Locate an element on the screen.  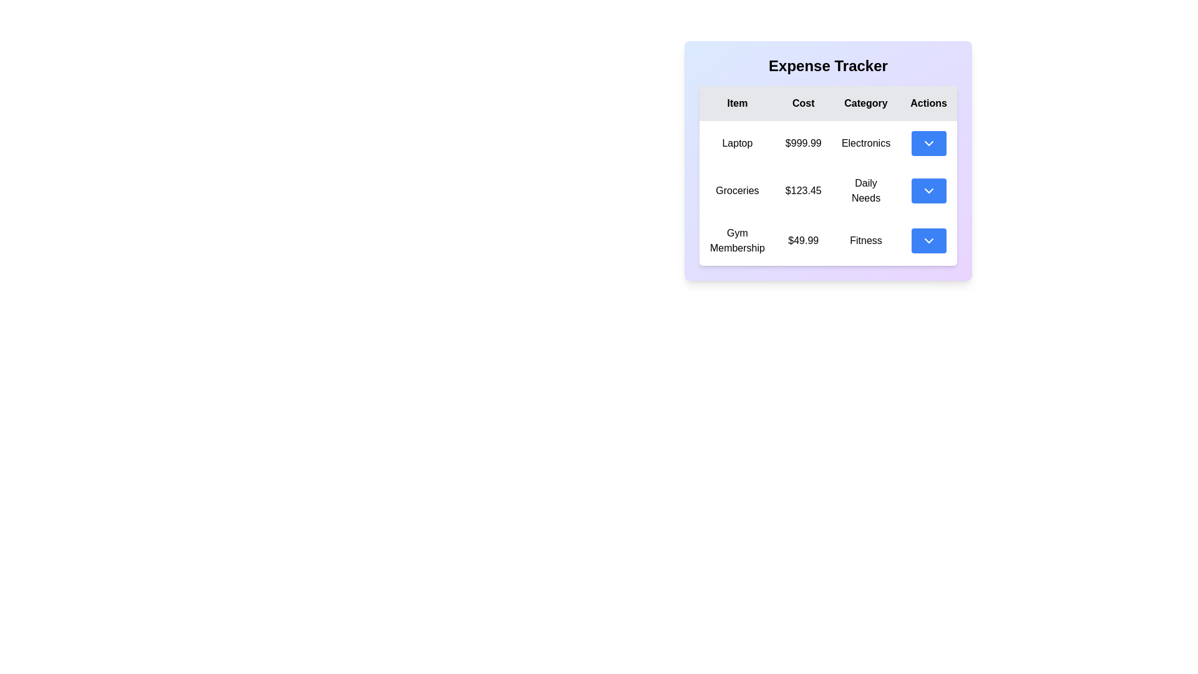
the static text label representing the cost value for 'Gym Membership' located in the third row under the 'Cost' column of the data table is located at coordinates (803, 240).